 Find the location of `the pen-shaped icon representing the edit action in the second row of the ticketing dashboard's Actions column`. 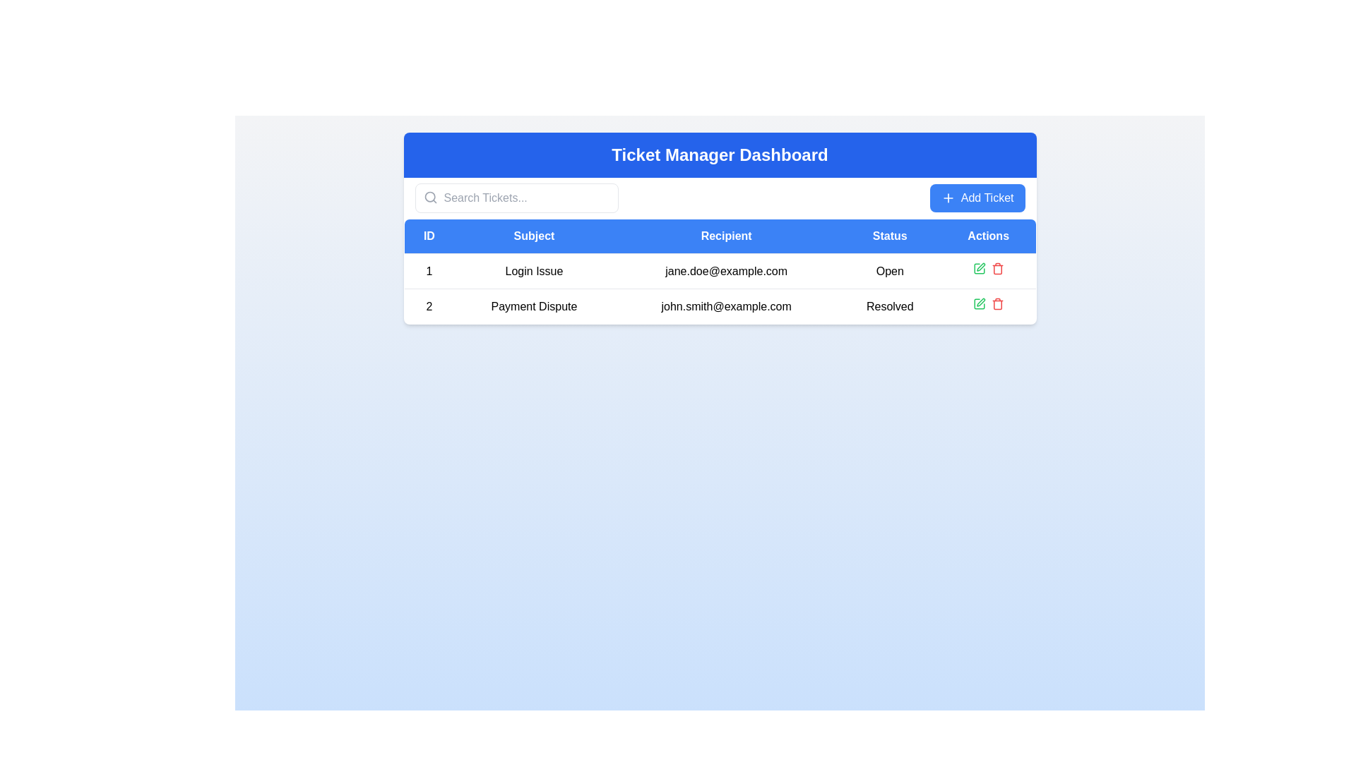

the pen-shaped icon representing the edit action in the second row of the ticketing dashboard's Actions column is located at coordinates (980, 267).